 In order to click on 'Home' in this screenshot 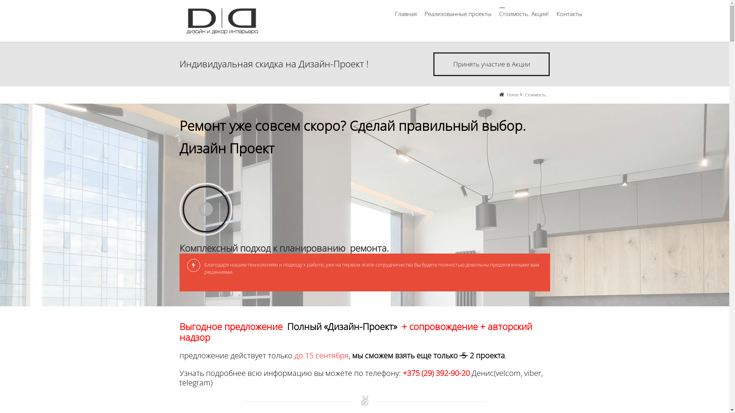, I will do `click(513, 94)`.